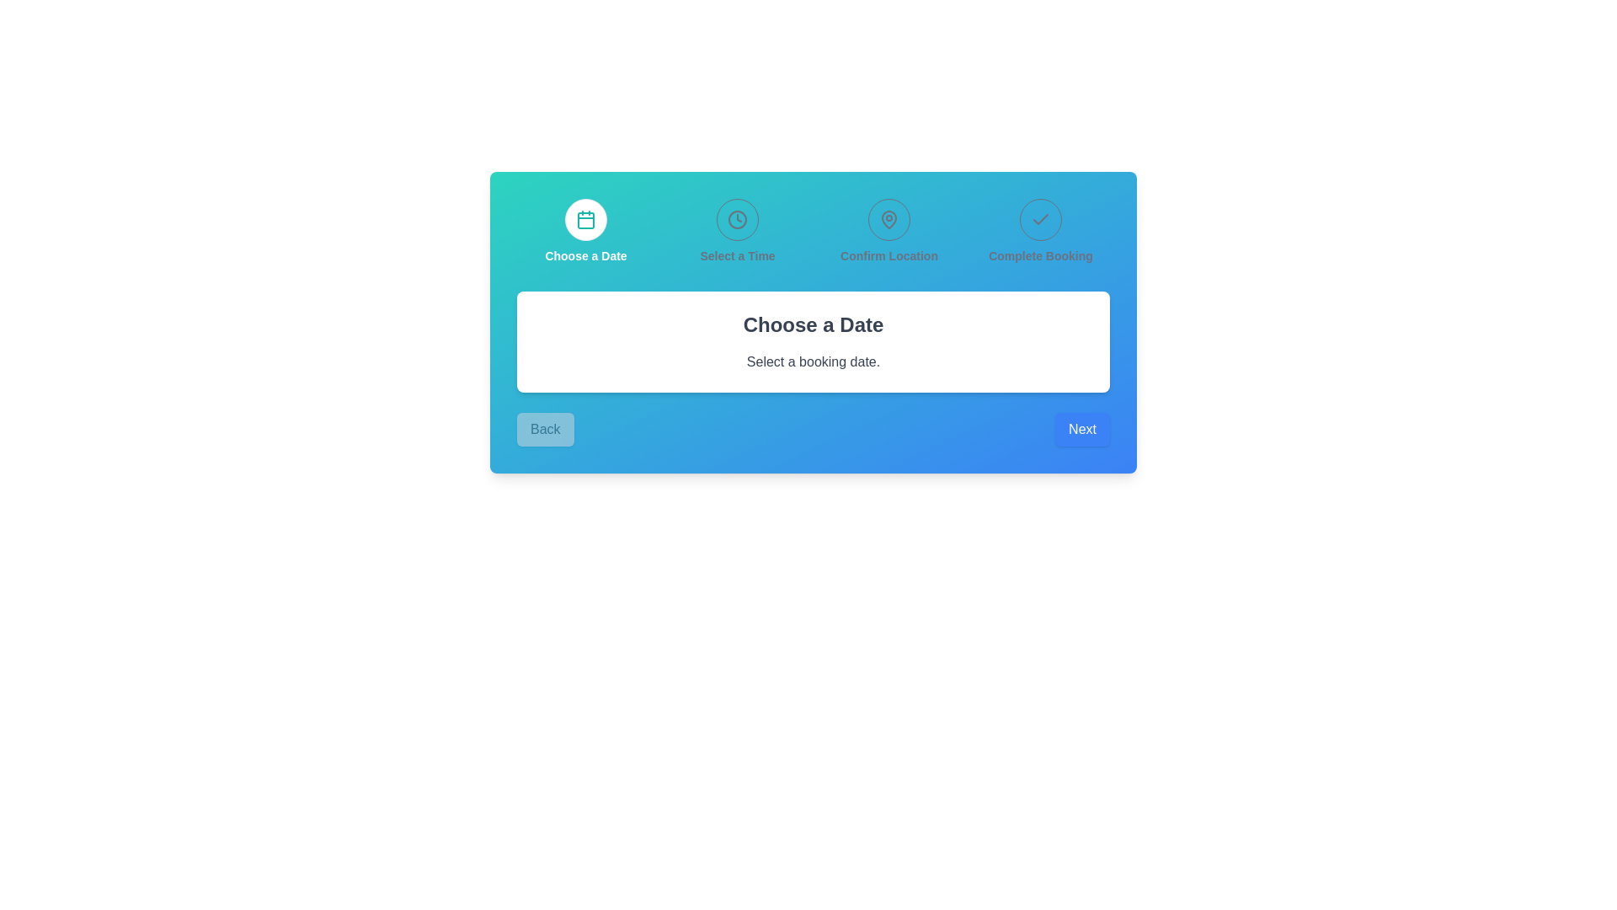 This screenshot has height=910, width=1617. Describe the element at coordinates (737, 231) in the screenshot. I see `the 'Select a Time' section by clicking on the circular navigation button with a clock symbol and the text 'Select a Time' beneath it, which is centrally placed in the second position of a four-item navigation bar` at that location.